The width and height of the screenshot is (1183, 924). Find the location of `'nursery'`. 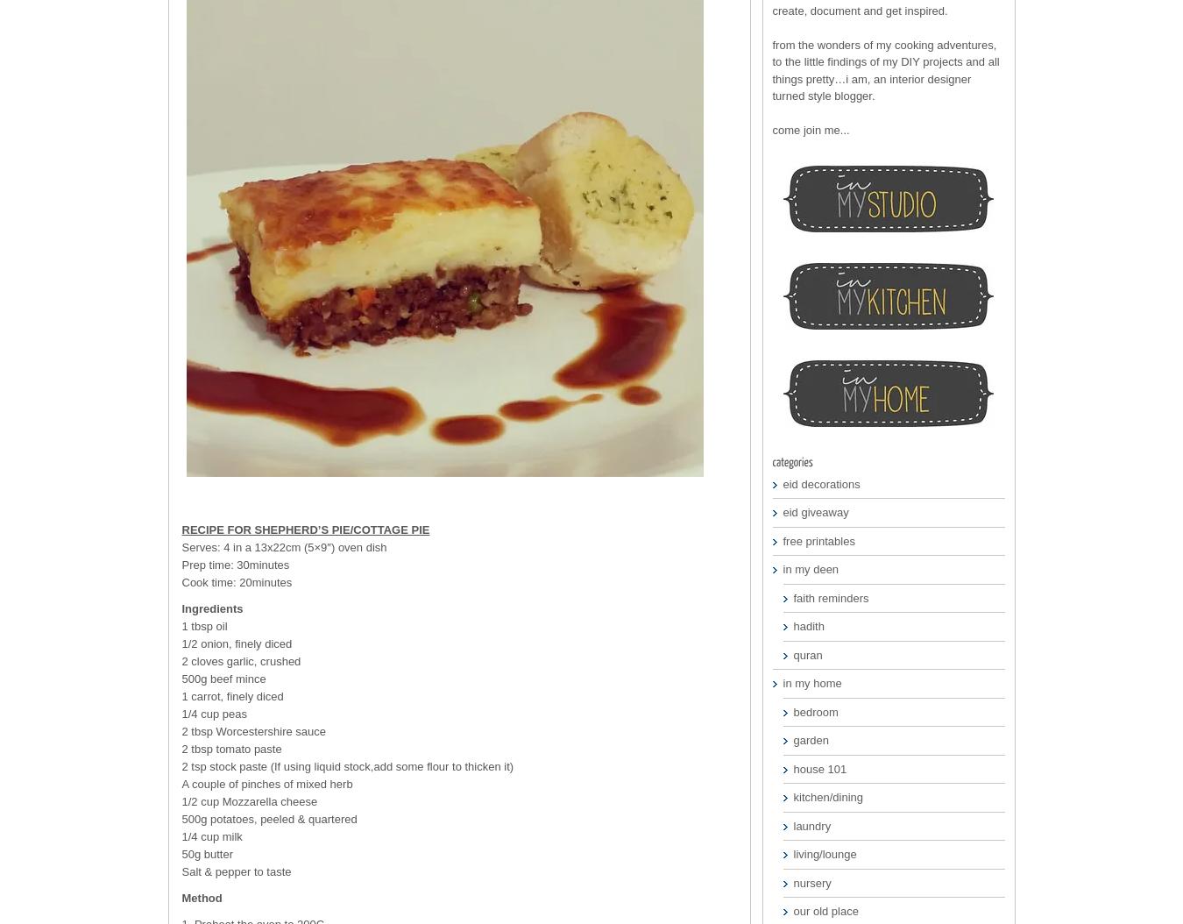

'nursery' is located at coordinates (811, 881).